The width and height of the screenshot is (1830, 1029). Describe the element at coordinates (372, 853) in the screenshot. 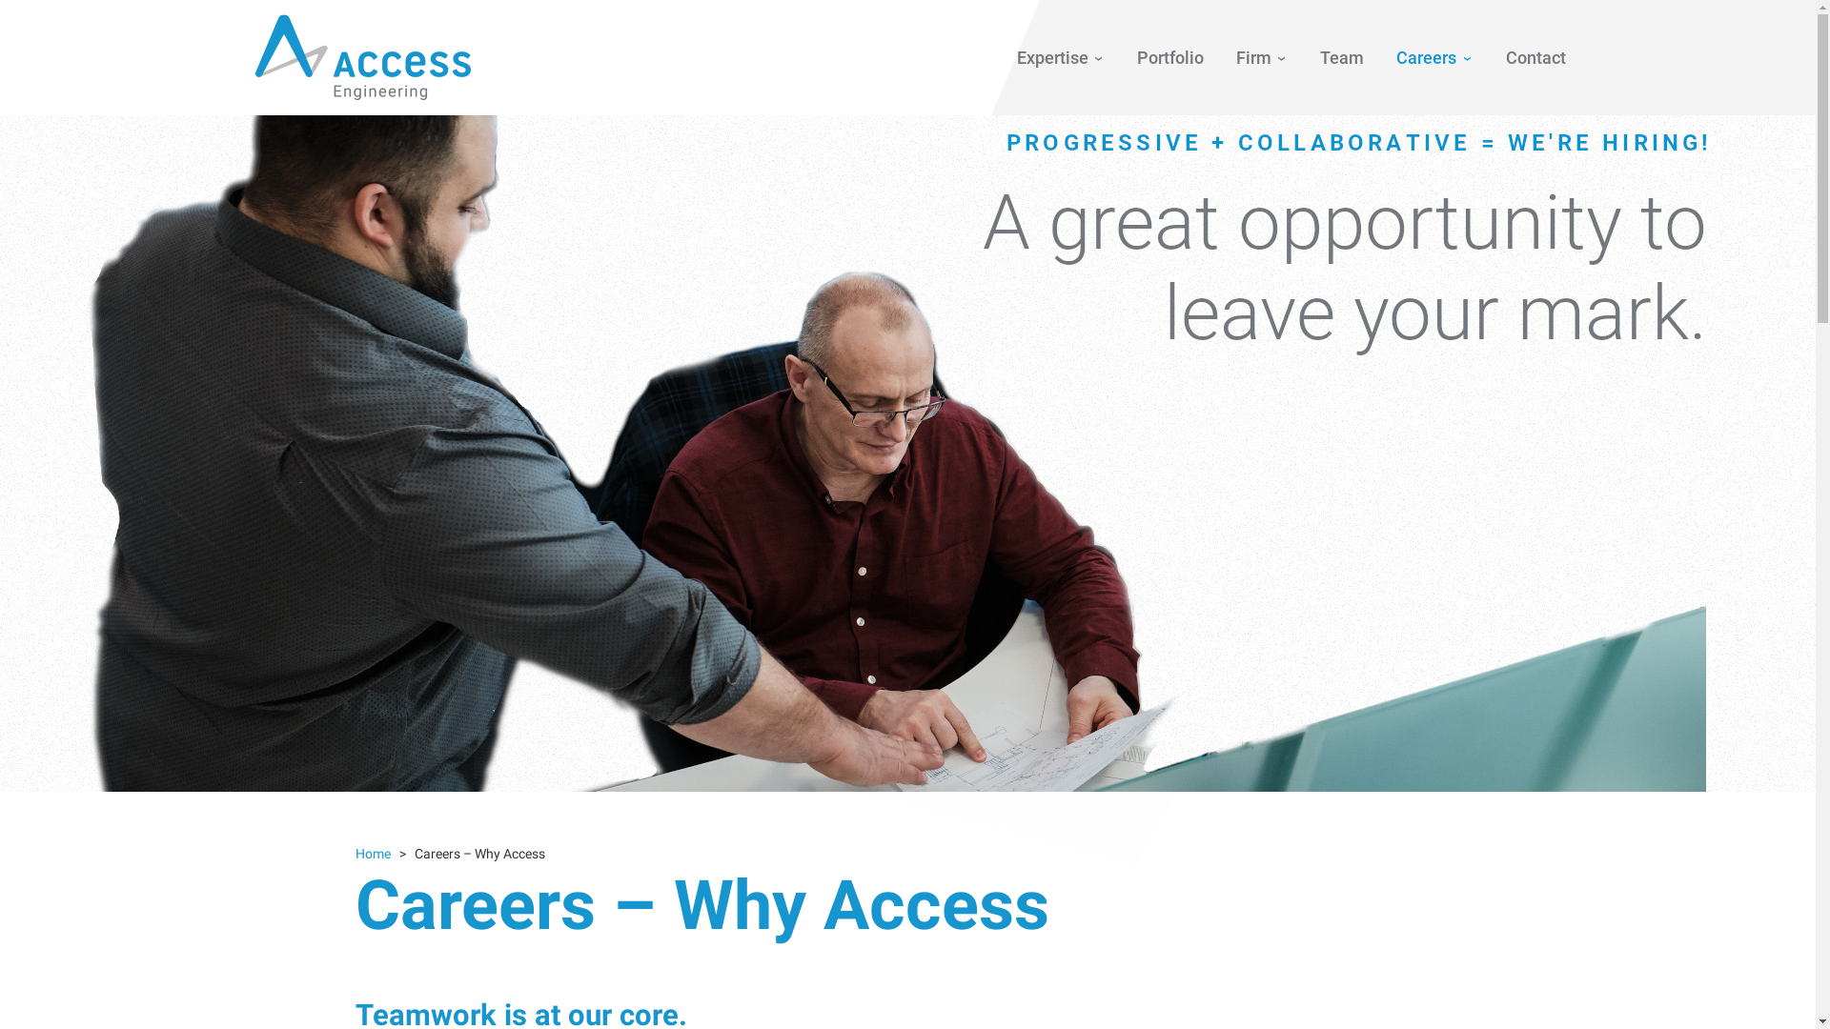

I see `'Home'` at that location.